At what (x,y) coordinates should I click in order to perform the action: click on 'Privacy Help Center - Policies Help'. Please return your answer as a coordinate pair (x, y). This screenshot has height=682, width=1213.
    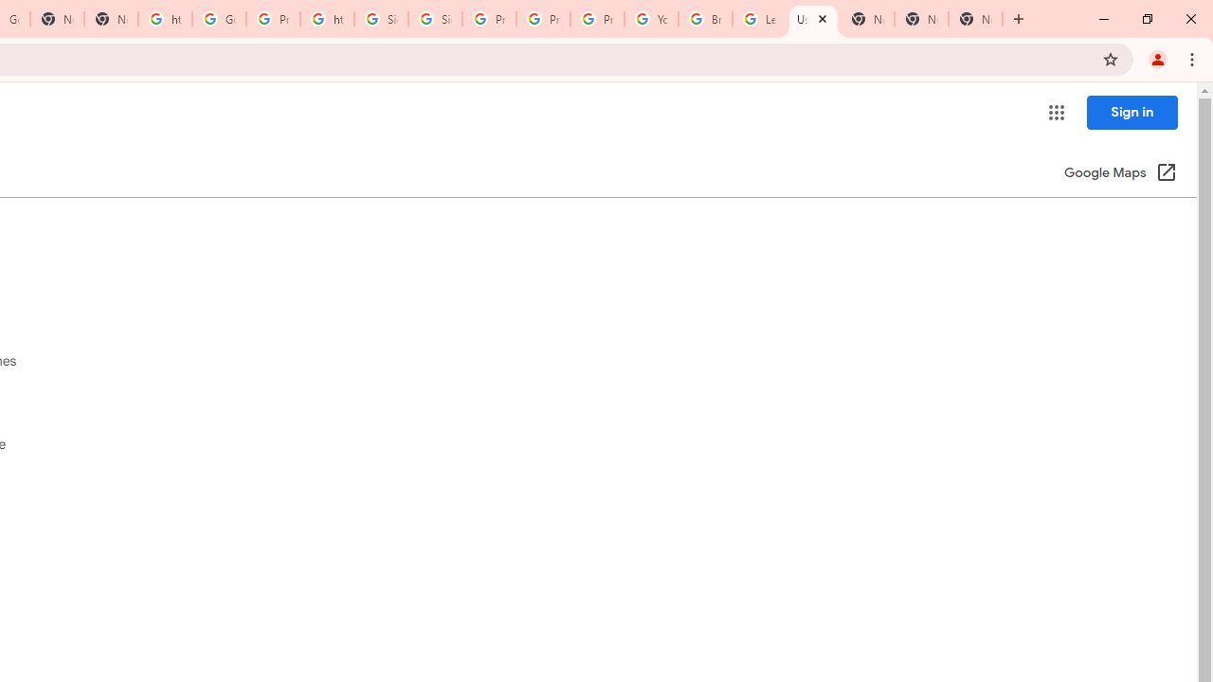
    Looking at the image, I should click on (542, 19).